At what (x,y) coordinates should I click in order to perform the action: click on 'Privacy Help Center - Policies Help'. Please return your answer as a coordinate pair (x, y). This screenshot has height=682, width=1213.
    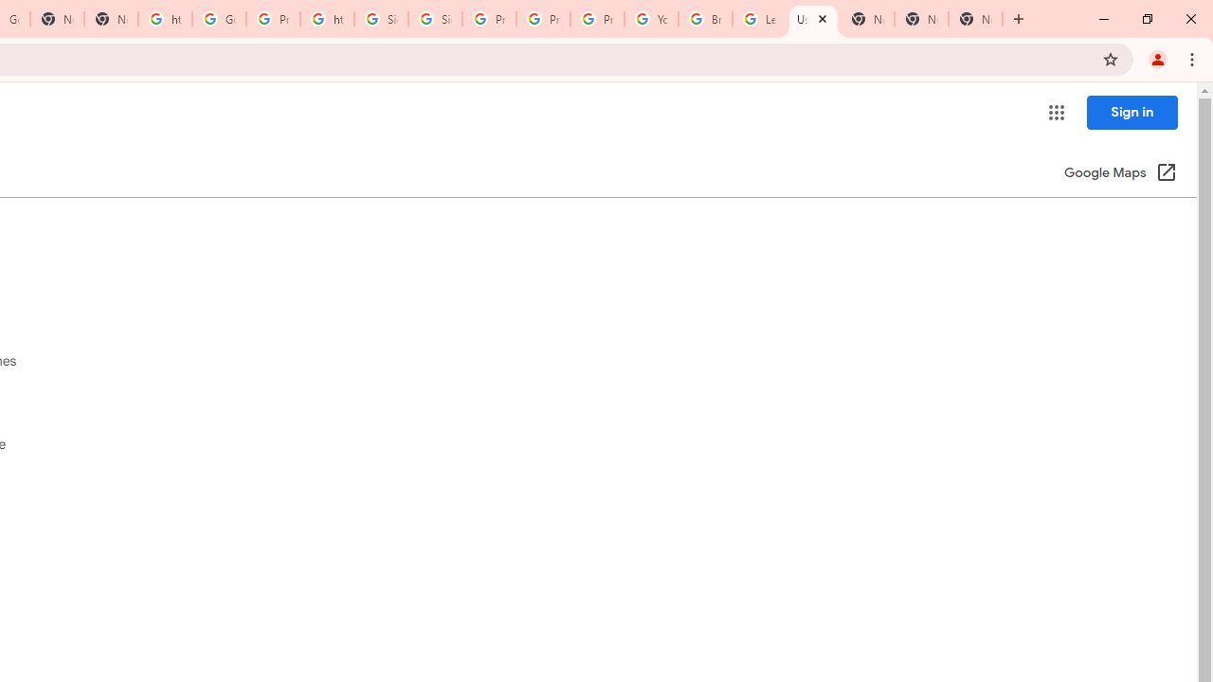
    Looking at the image, I should click on (542, 19).